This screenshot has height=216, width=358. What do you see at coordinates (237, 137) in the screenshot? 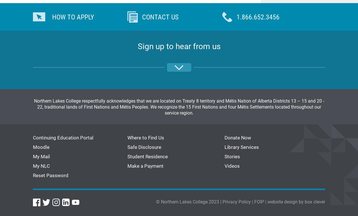
I see `'Donate Now'` at bounding box center [237, 137].